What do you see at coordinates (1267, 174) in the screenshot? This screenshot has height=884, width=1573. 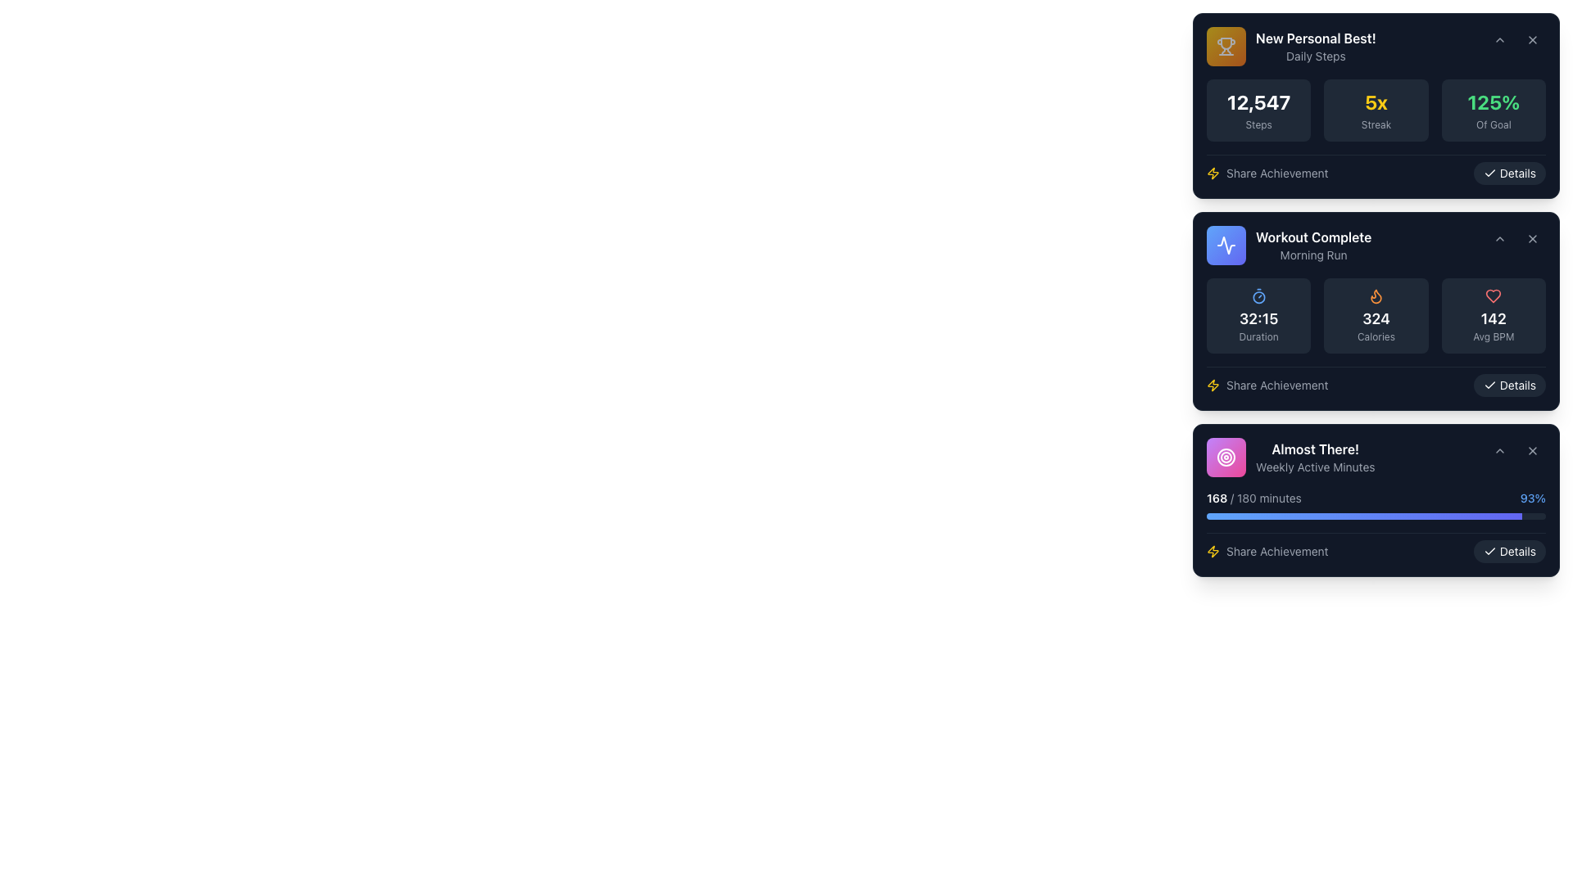 I see `the 'Share Achievement' text label with a lightning bolt icon located at the bottom-left section of the card layout` at bounding box center [1267, 174].